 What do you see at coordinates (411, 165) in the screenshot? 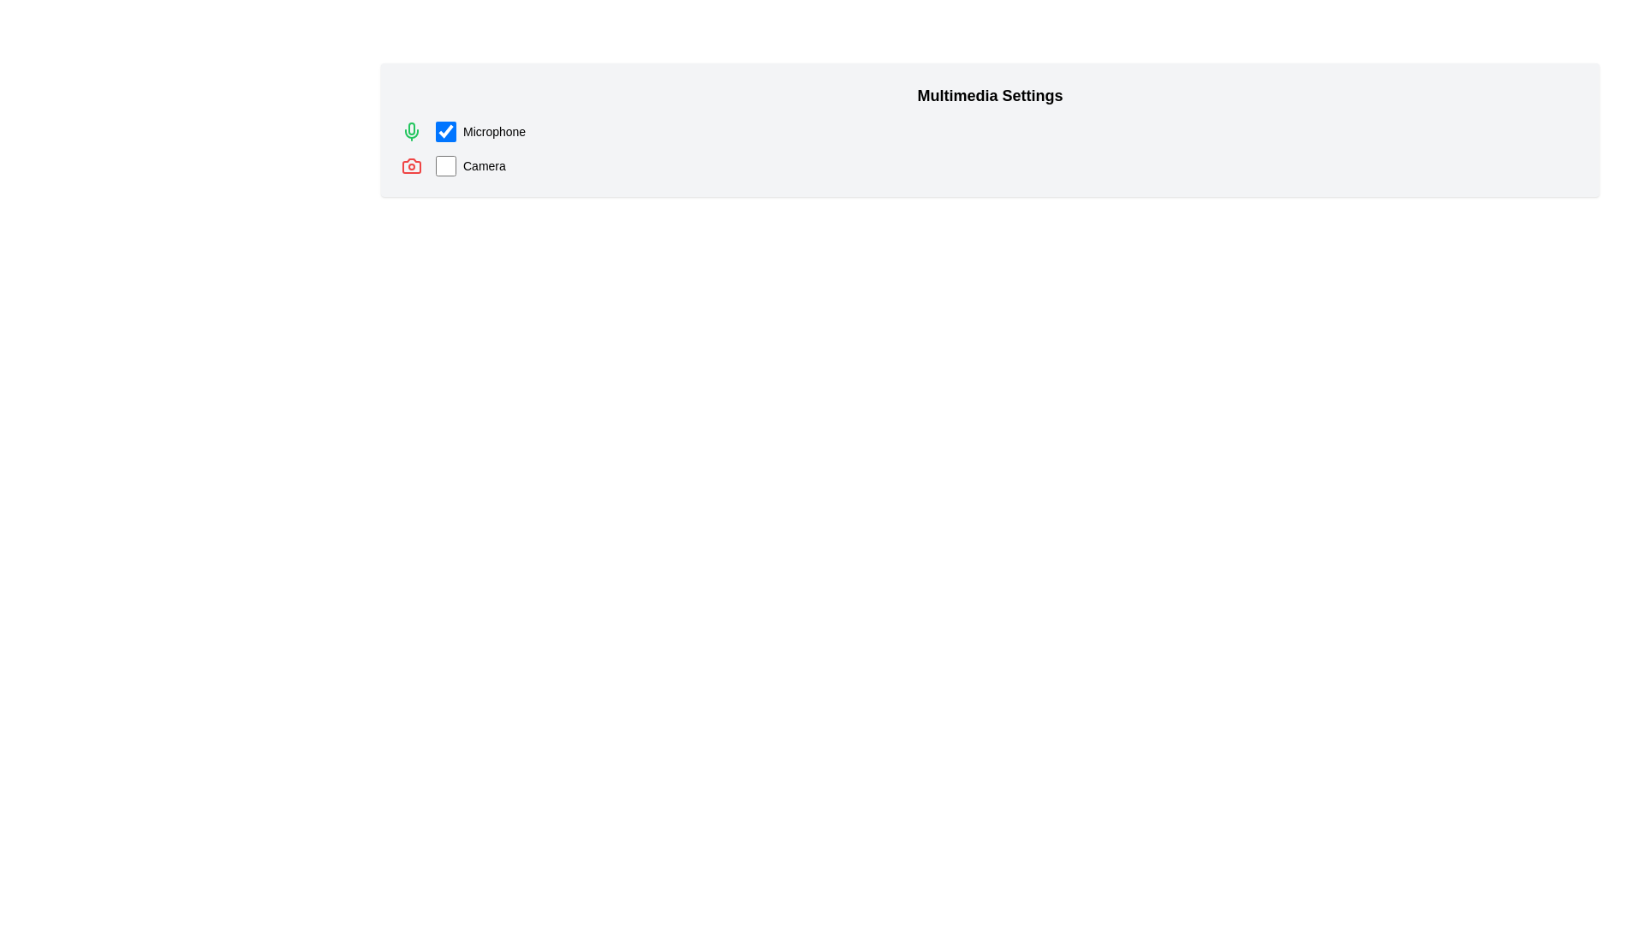
I see `the camera icon in the multimedia settings panel, located to the left of the 'Camera' checkbox and text label, to view additional options` at bounding box center [411, 165].